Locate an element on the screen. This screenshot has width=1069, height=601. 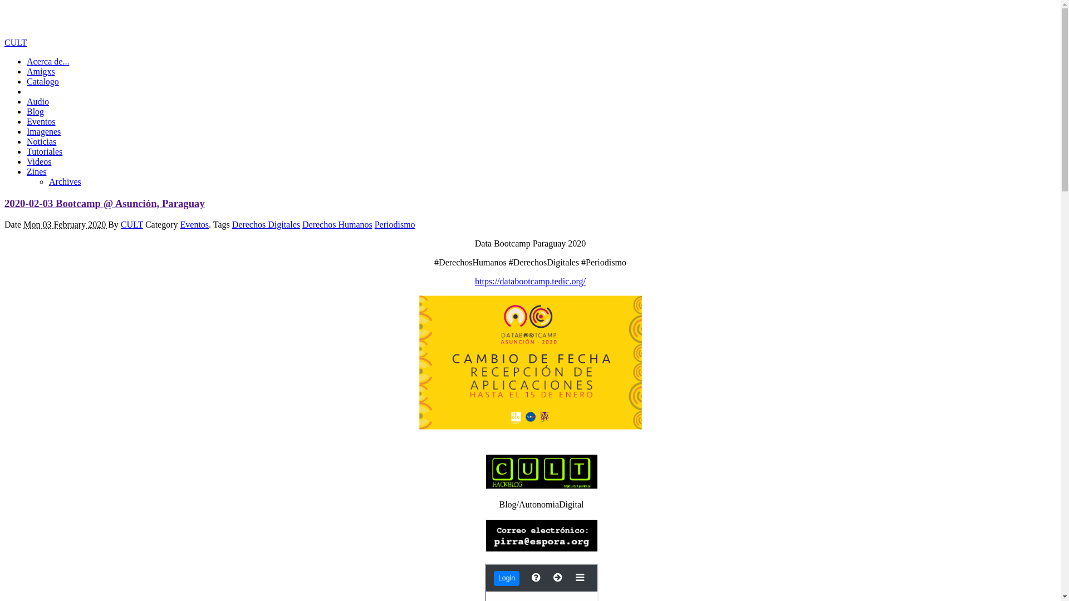
'Eventos' is located at coordinates (195, 224).